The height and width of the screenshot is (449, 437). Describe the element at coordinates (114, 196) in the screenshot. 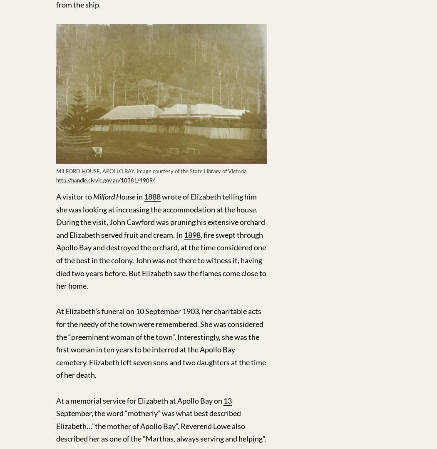

I see `'Milford House'` at that location.